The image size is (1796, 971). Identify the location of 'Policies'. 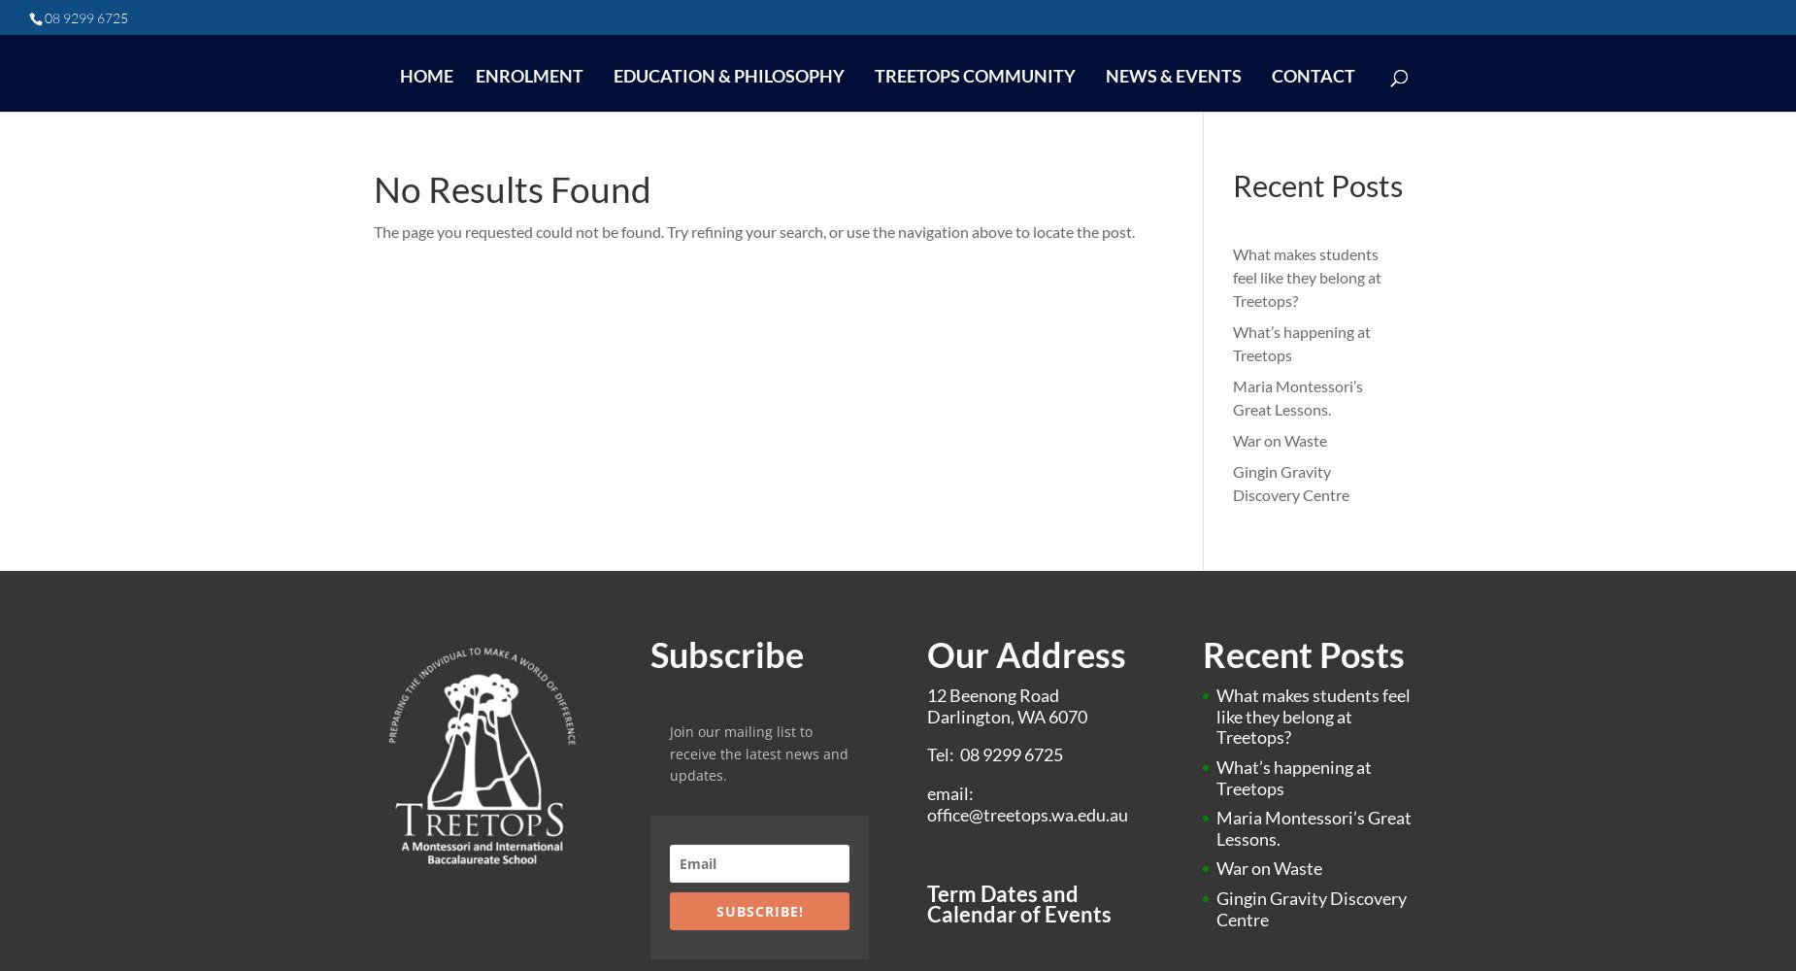
(917, 191).